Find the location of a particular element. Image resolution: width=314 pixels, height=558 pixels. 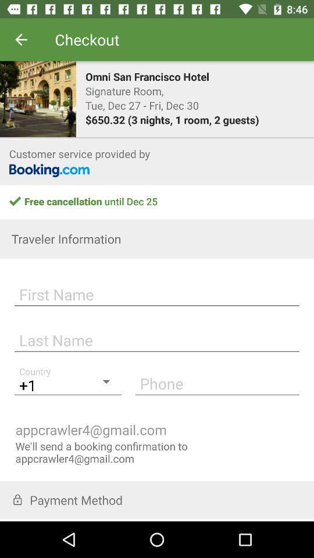

item to the left of the checkout item is located at coordinates (21, 40).